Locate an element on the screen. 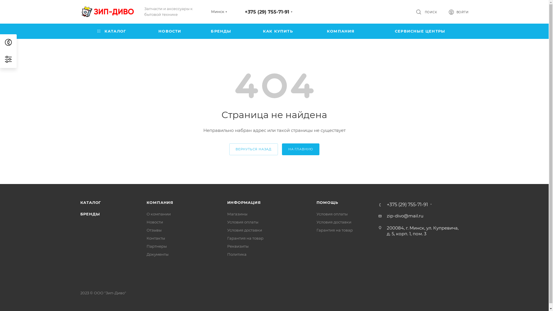 The width and height of the screenshot is (553, 311). '+375 (29) 755-71-91' is located at coordinates (407, 204).